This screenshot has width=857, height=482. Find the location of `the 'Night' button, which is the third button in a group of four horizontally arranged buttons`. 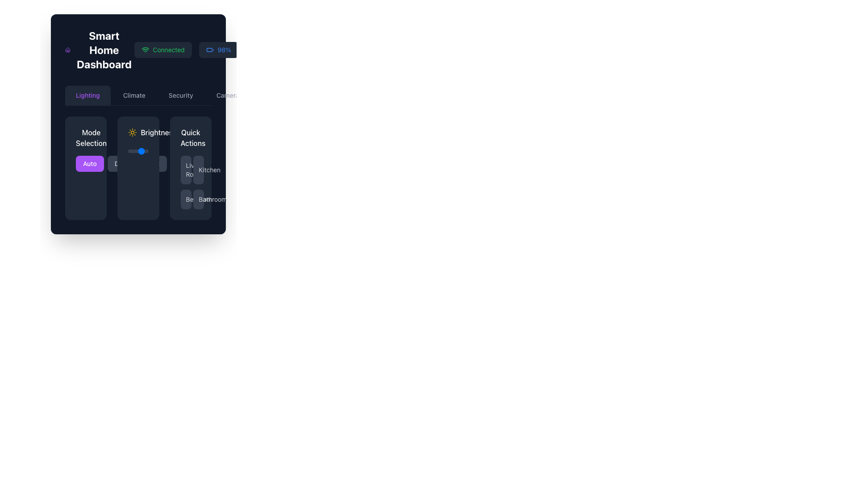

the 'Night' button, which is the third button in a group of four horizontally arranged buttons is located at coordinates (152, 163).